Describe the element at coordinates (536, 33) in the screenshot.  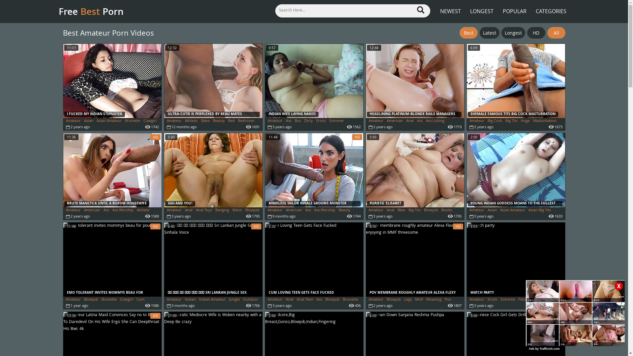
I see `'HD'` at that location.